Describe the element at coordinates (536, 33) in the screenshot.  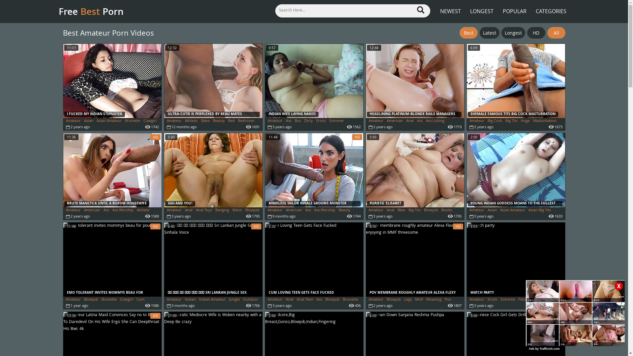
I see `'HD'` at that location.